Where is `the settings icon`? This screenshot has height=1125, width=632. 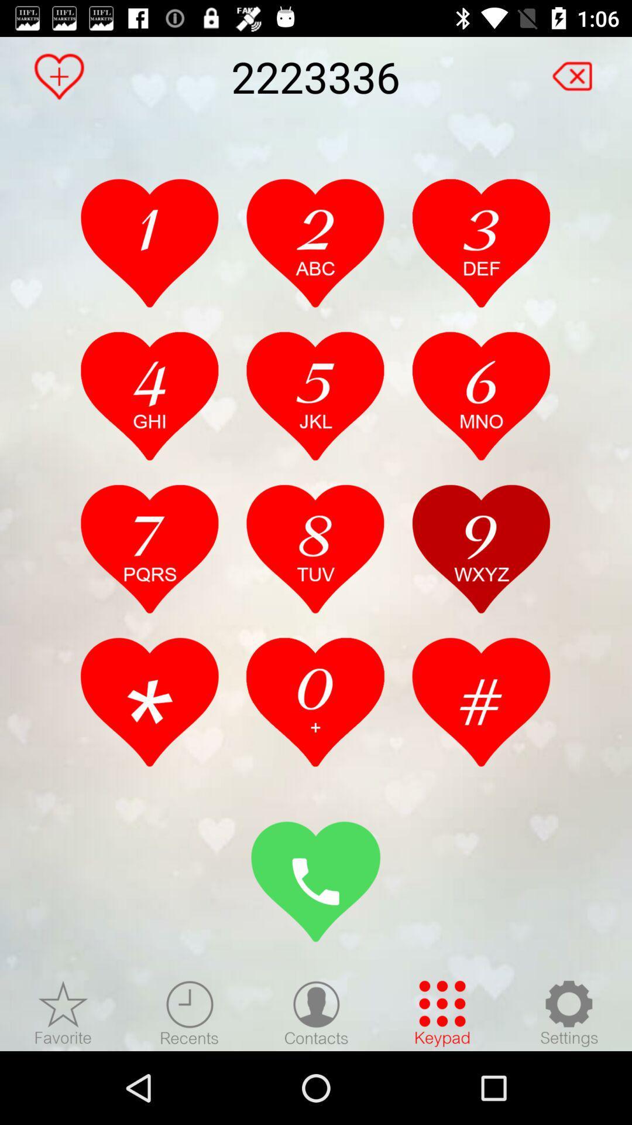
the settings icon is located at coordinates (568, 1012).